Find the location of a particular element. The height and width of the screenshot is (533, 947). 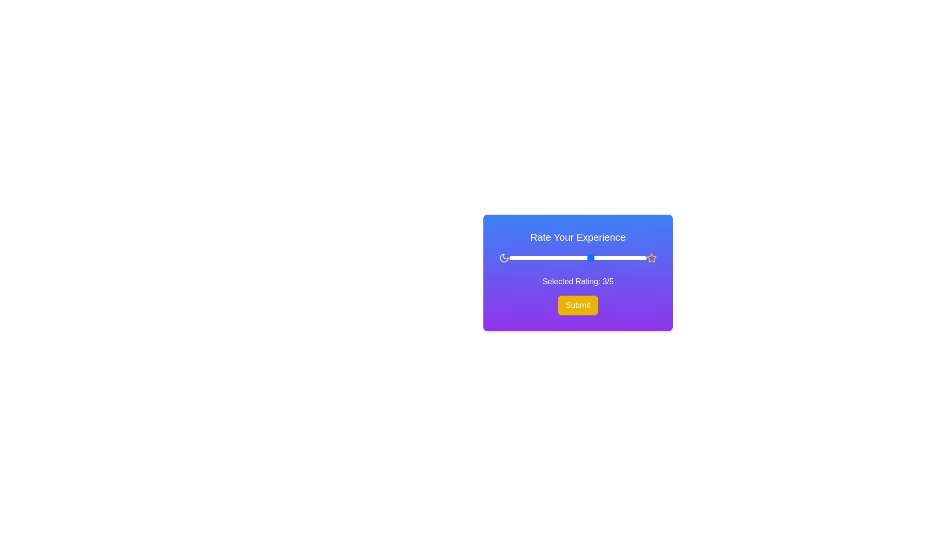

the rating slider to 2 (0-5) is located at coordinates (564, 258).